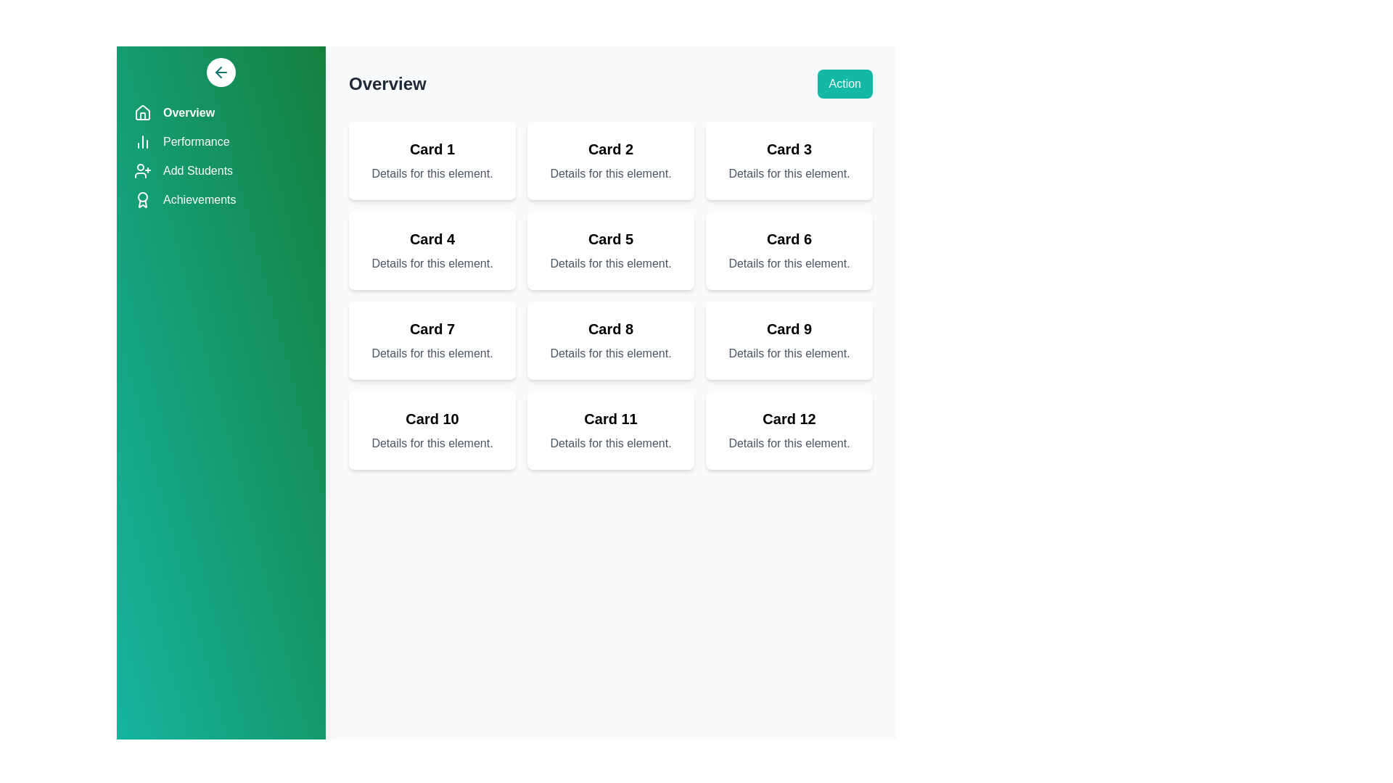 This screenshot has height=783, width=1393. What do you see at coordinates (845, 83) in the screenshot?
I see `'Action' button in the header` at bounding box center [845, 83].